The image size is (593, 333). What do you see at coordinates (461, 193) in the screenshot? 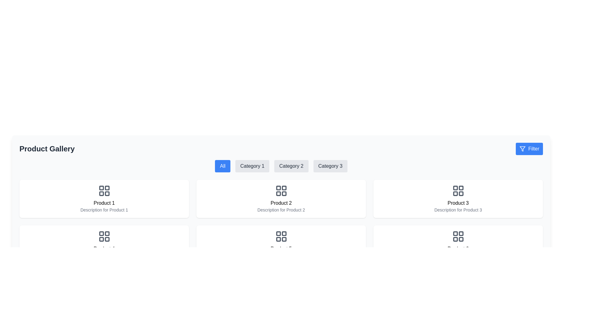
I see `the small gray square with rounded corners, which is the third square in a 2x2 grid layout` at bounding box center [461, 193].